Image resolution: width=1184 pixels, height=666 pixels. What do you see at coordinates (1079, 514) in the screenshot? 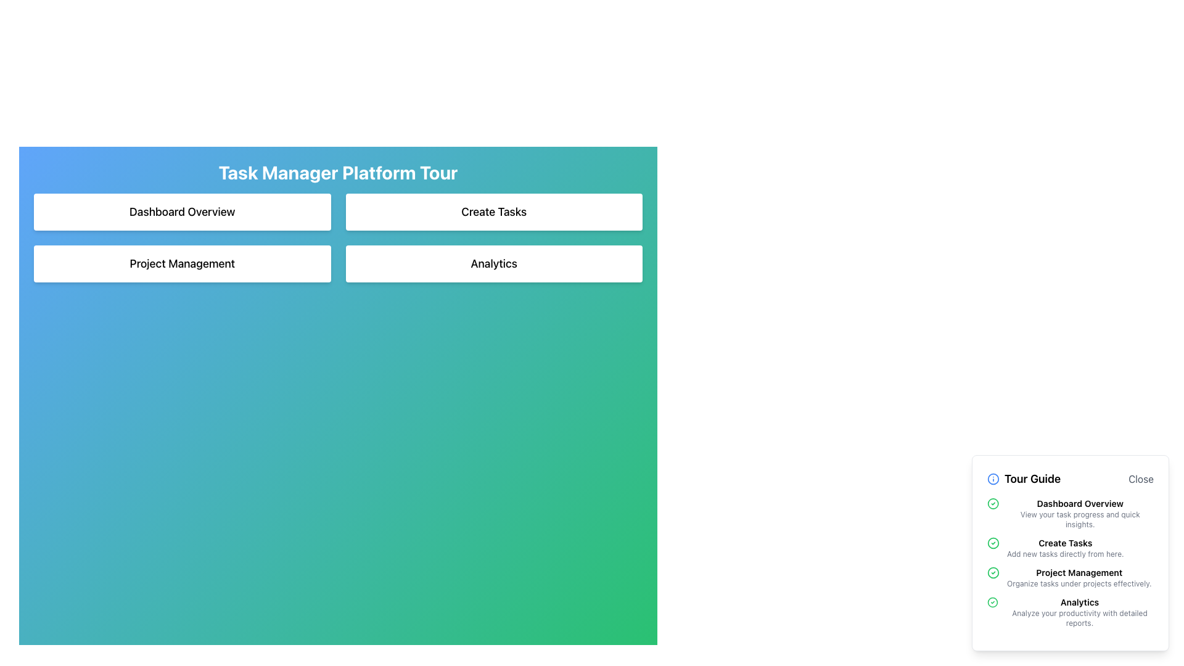
I see `text element titled 'Dashboard Overview' that provides insights into task progress and quick insights, located in the 'Tour Guide' section` at bounding box center [1079, 514].